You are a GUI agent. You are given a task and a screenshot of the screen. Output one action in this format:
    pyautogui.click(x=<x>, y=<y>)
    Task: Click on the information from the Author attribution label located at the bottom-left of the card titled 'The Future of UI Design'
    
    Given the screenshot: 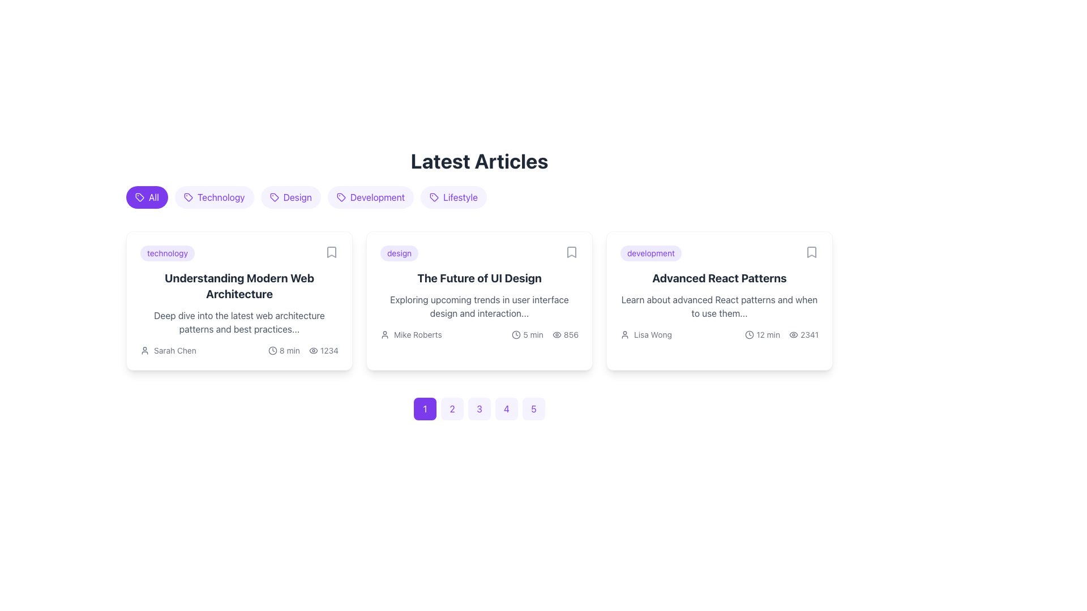 What is the action you would take?
    pyautogui.click(x=410, y=334)
    